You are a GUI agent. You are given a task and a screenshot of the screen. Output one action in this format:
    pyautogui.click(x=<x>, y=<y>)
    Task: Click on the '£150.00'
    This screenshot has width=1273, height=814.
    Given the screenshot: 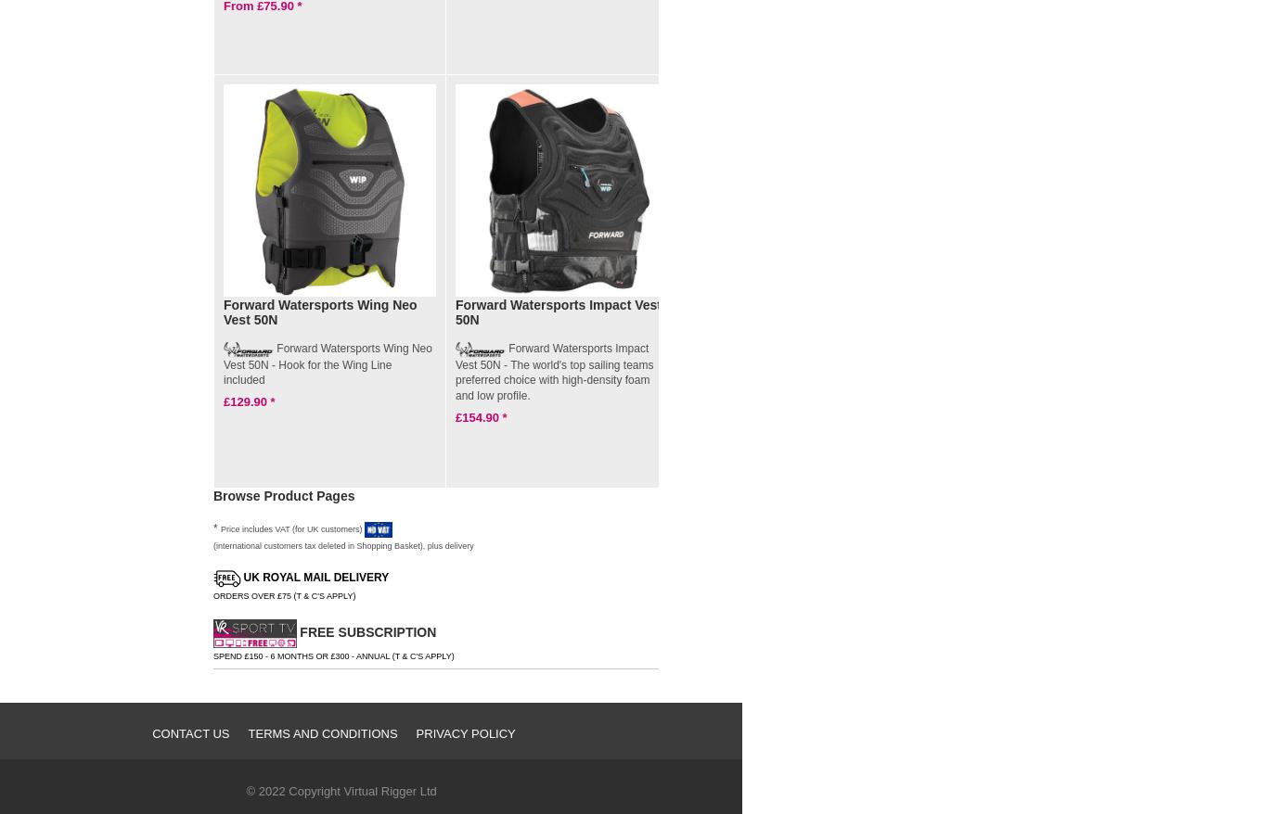 What is the action you would take?
    pyautogui.click(x=688, y=439)
    